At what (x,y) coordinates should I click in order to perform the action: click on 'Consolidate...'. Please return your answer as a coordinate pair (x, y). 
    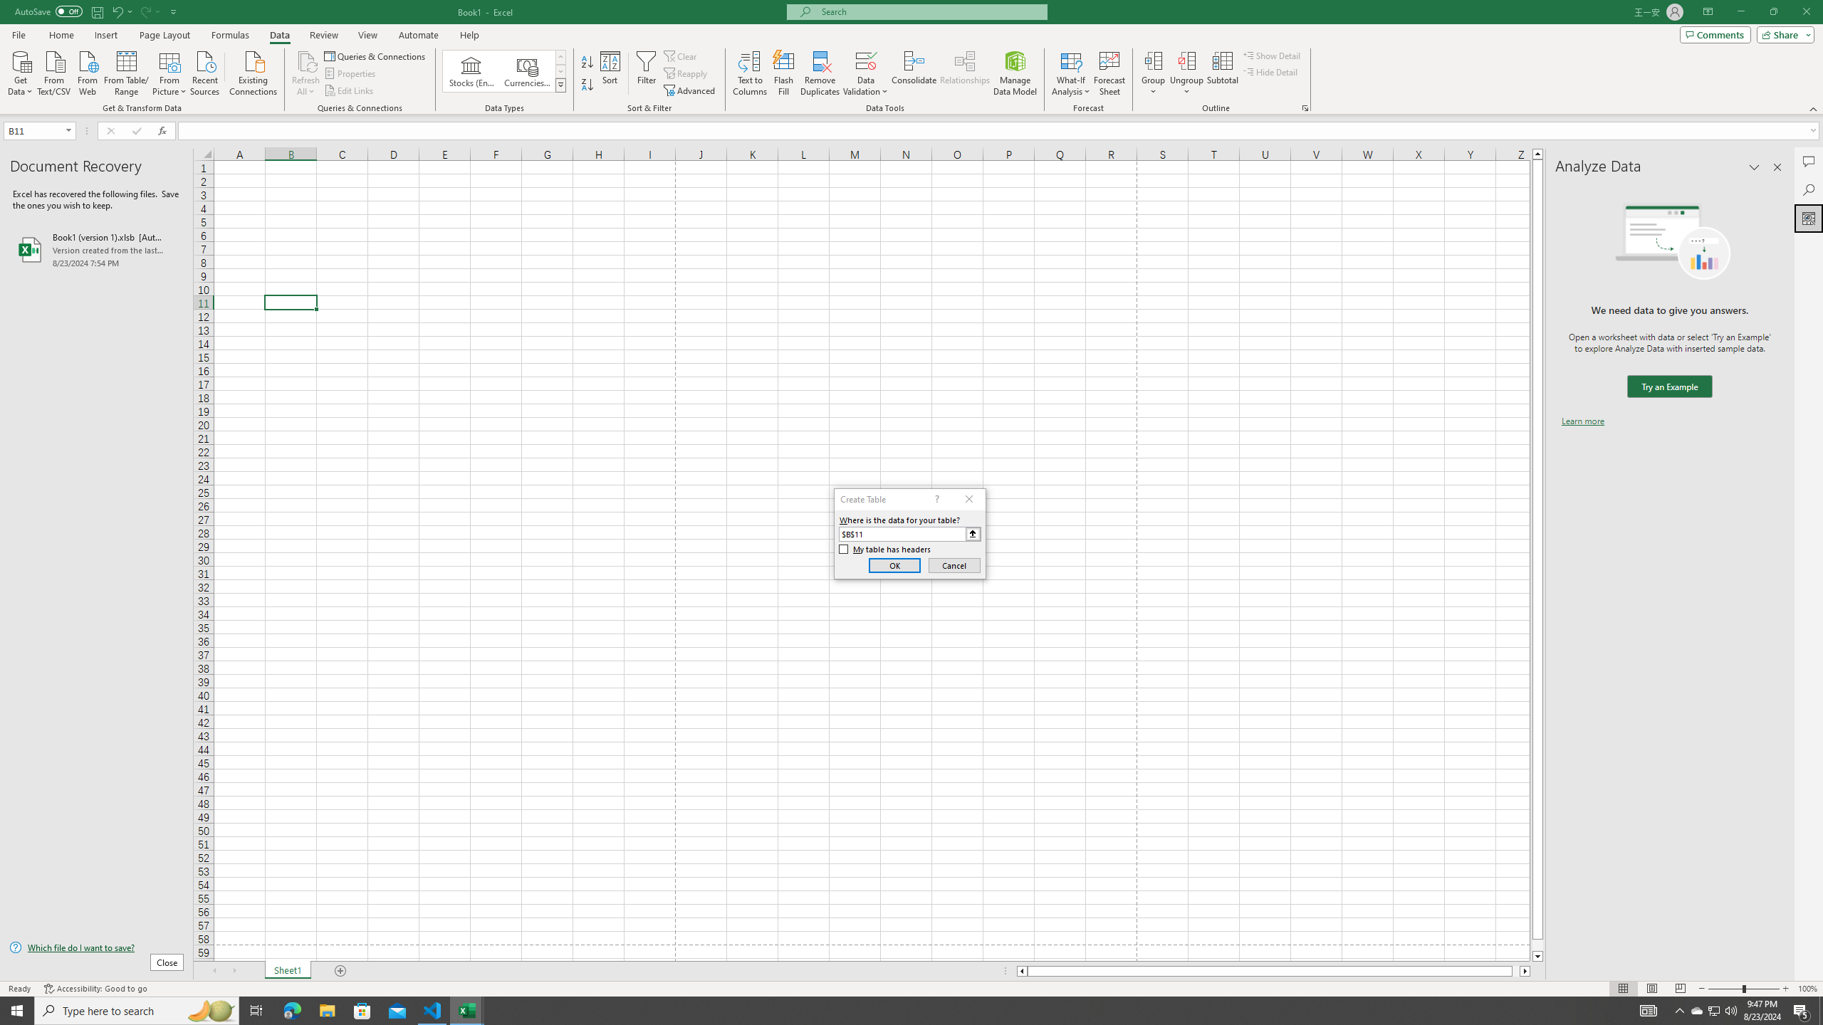
    Looking at the image, I should click on (914, 73).